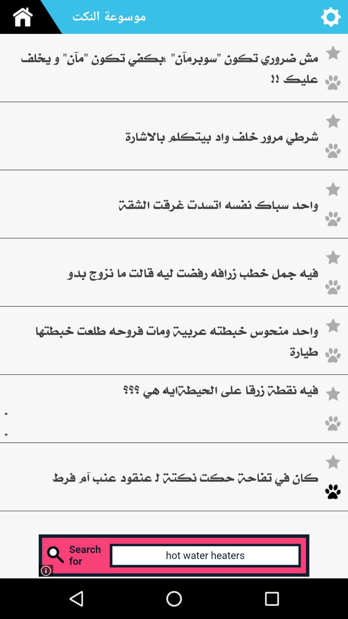 Image resolution: width=348 pixels, height=619 pixels. I want to click on input search term, so click(174, 555).